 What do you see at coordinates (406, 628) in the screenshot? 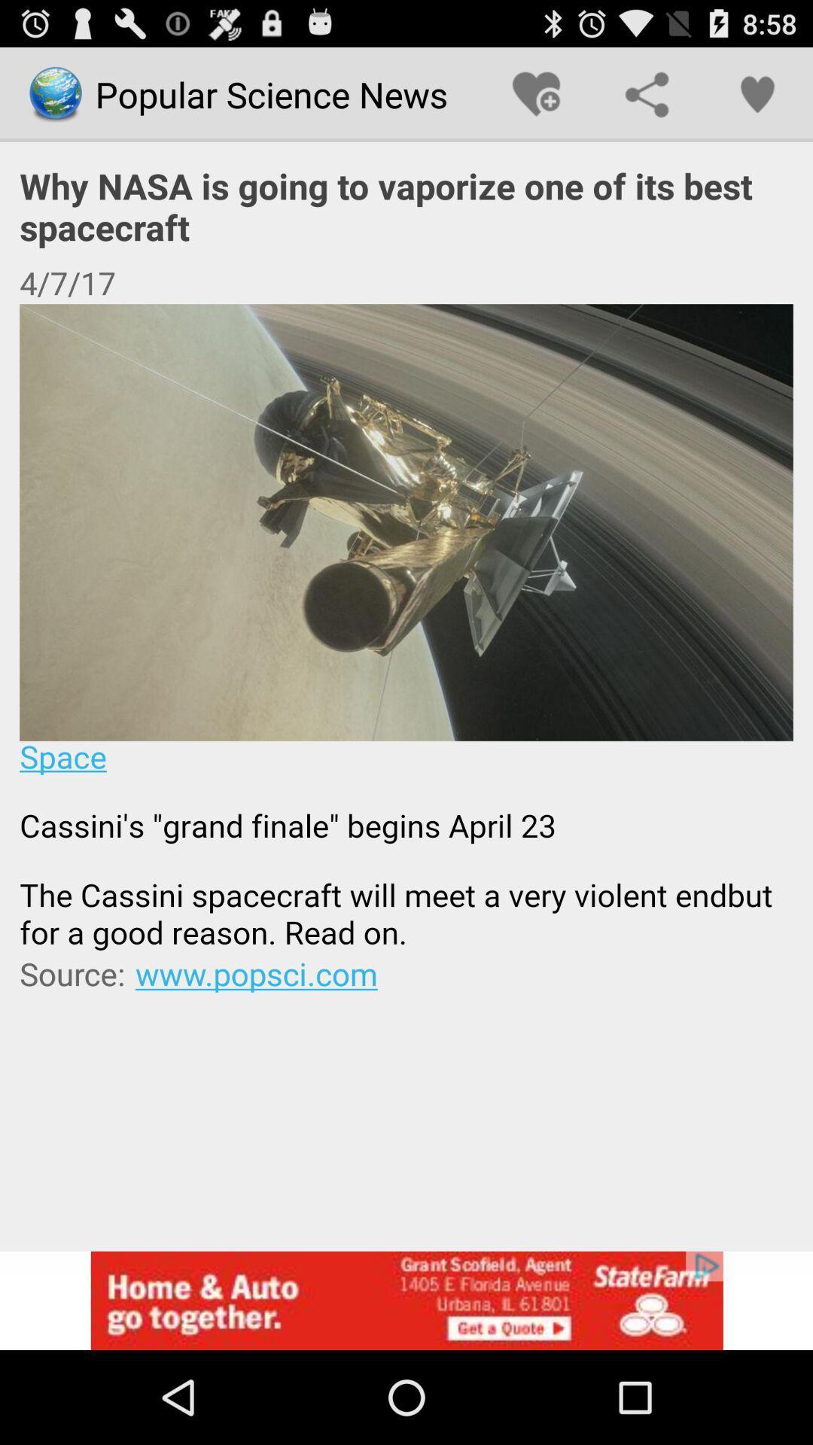
I see `article summary` at bounding box center [406, 628].